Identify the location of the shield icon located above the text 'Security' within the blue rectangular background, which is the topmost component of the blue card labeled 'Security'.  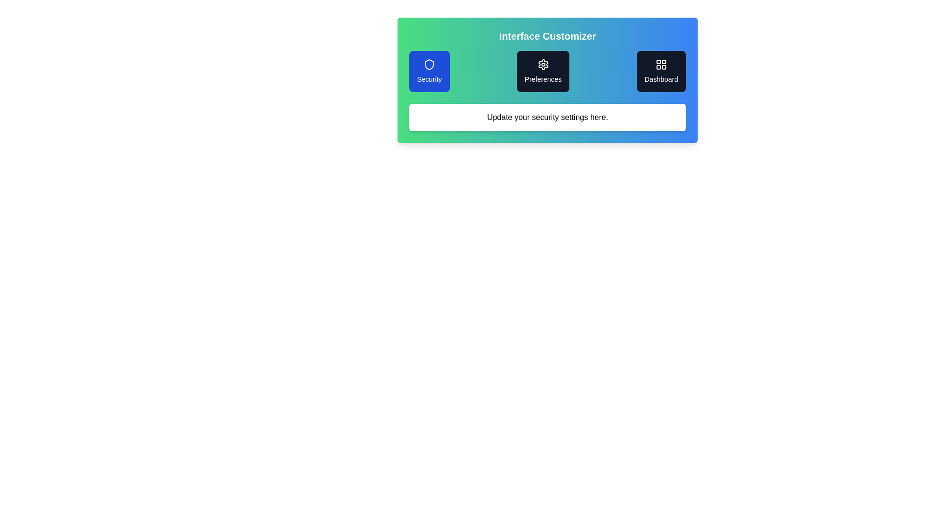
(429, 64).